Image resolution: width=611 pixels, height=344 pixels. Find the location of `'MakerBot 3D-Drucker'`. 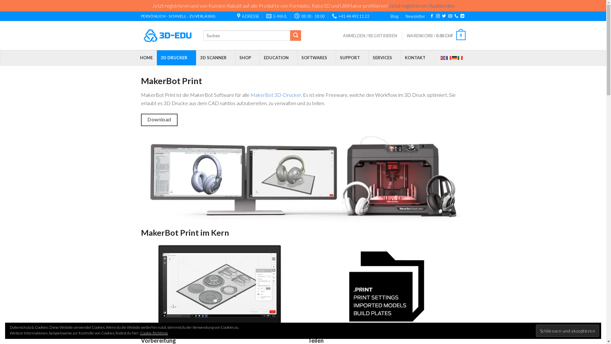

'MakerBot 3D-Drucker' is located at coordinates (250, 95).